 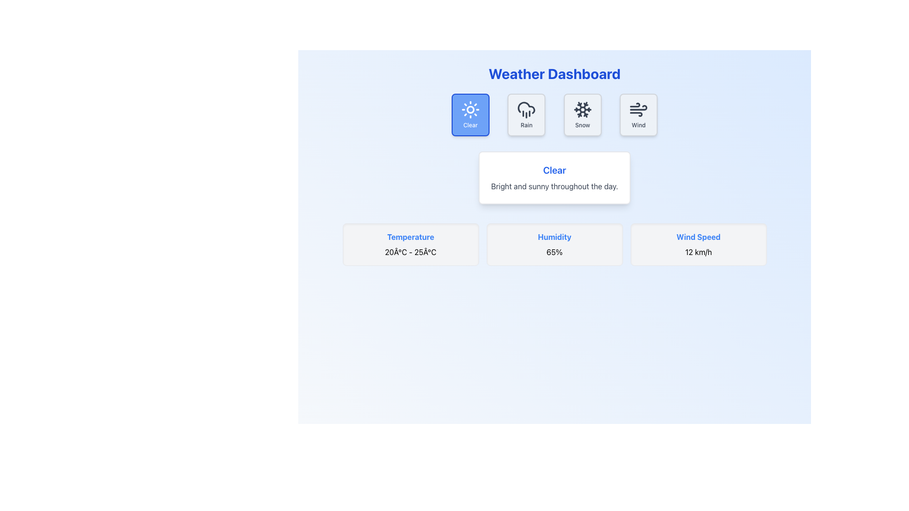 What do you see at coordinates (585, 106) in the screenshot?
I see `the smaller graphical component of the snowflake icon located at the top right corner of the icon` at bounding box center [585, 106].